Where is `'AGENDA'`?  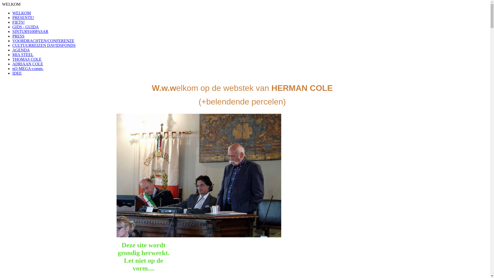 'AGENDA' is located at coordinates (12, 50).